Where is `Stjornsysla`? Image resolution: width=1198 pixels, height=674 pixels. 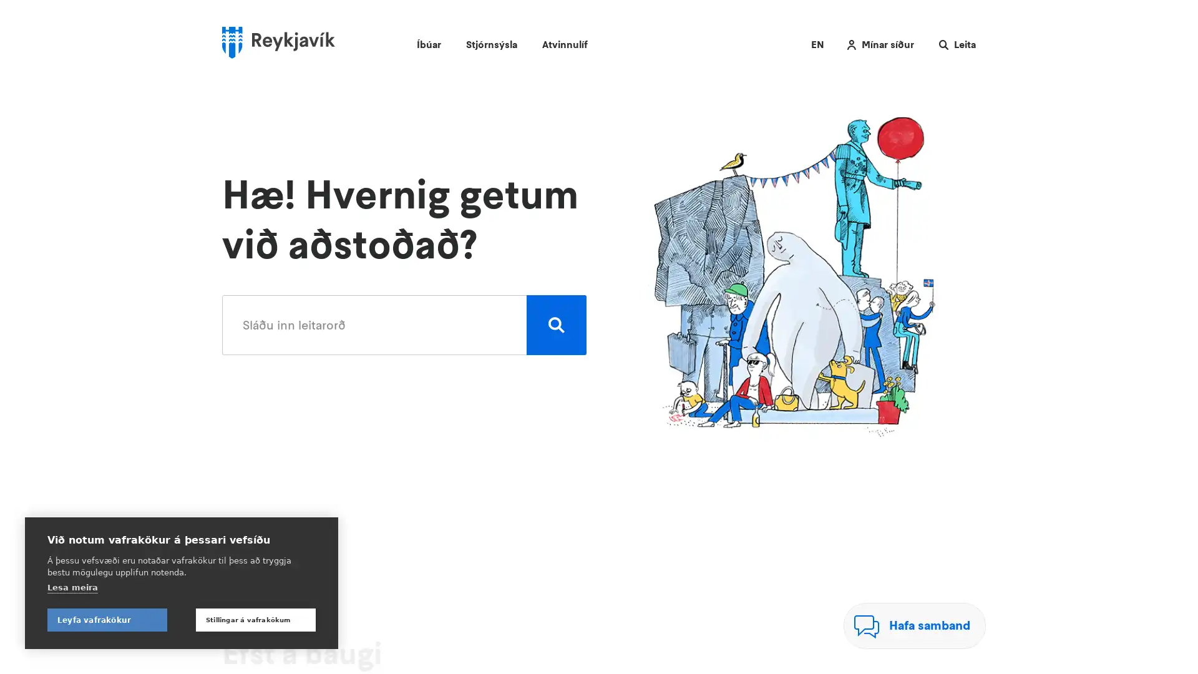
Stjornsysla is located at coordinates (490, 42).